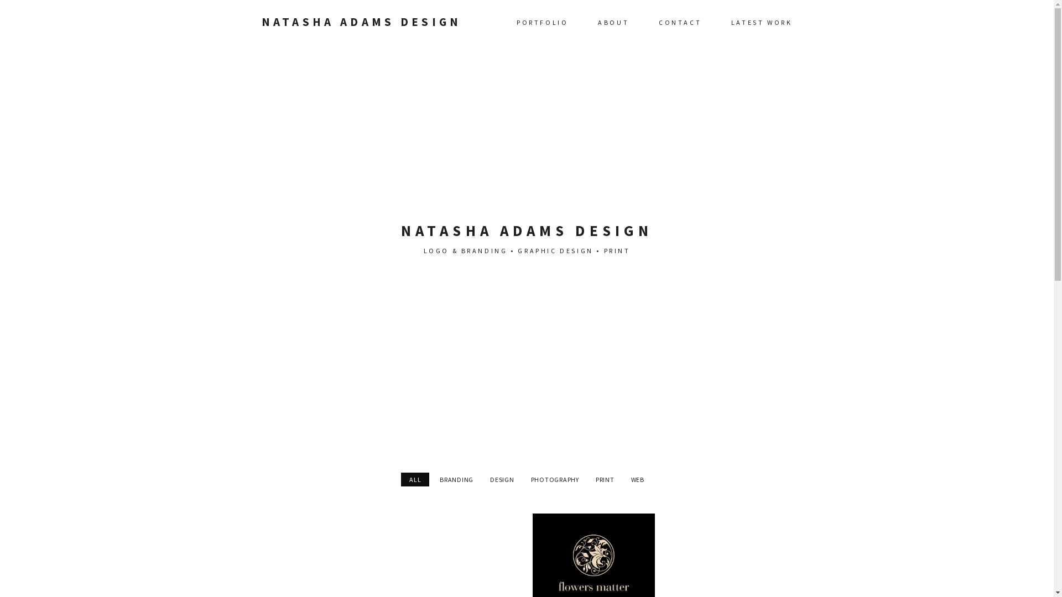 The image size is (1062, 597). I want to click on 'PHOTOGRAPHY', so click(555, 479).